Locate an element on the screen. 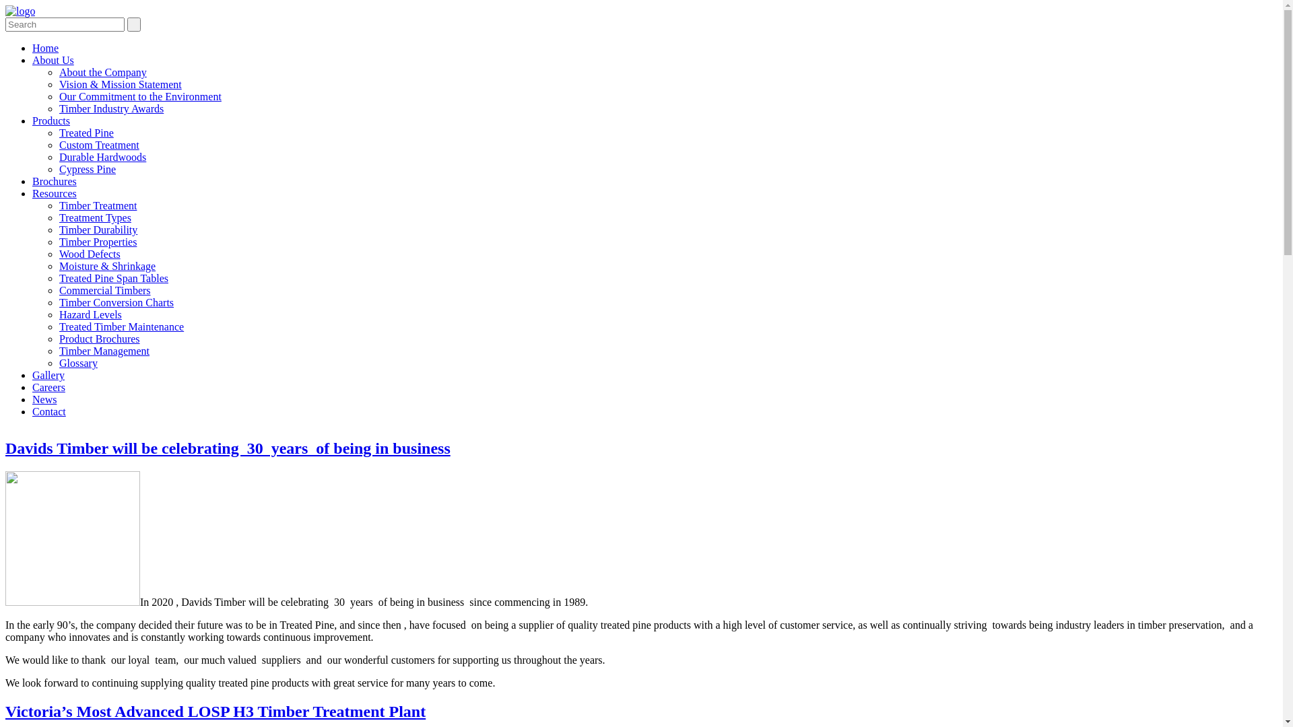  'Resources' is located at coordinates (54, 193).